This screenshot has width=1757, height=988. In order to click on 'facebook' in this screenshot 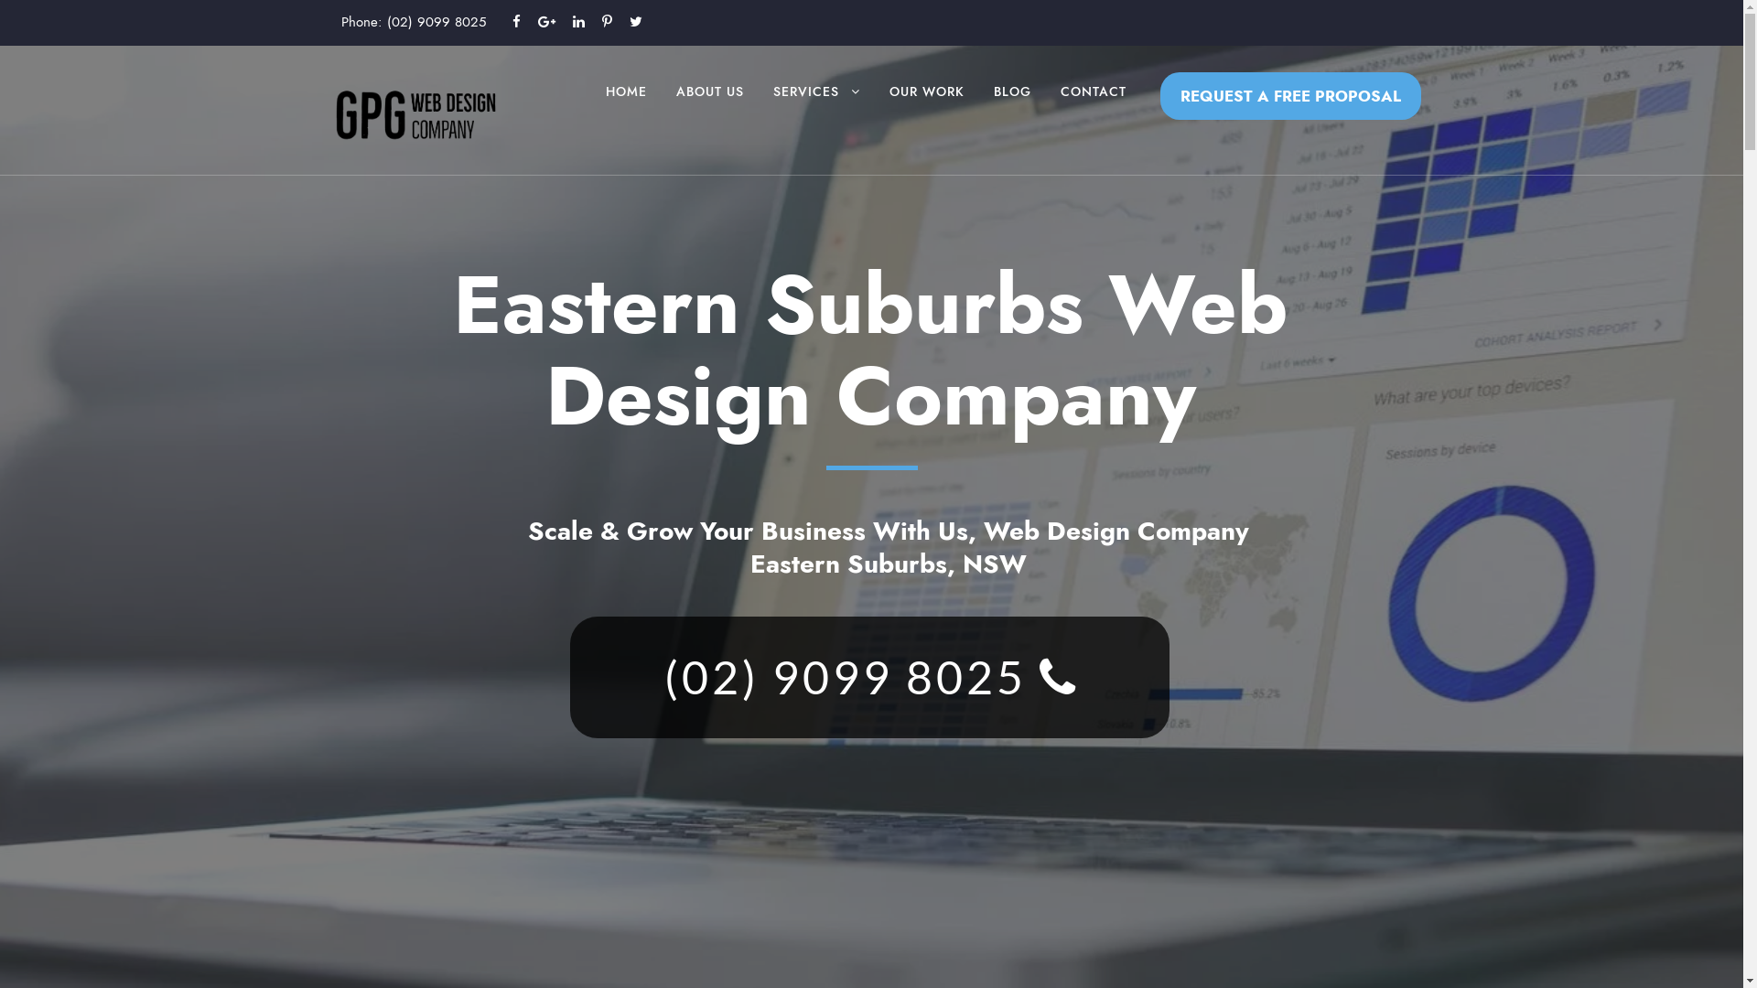, I will do `click(515, 21)`.